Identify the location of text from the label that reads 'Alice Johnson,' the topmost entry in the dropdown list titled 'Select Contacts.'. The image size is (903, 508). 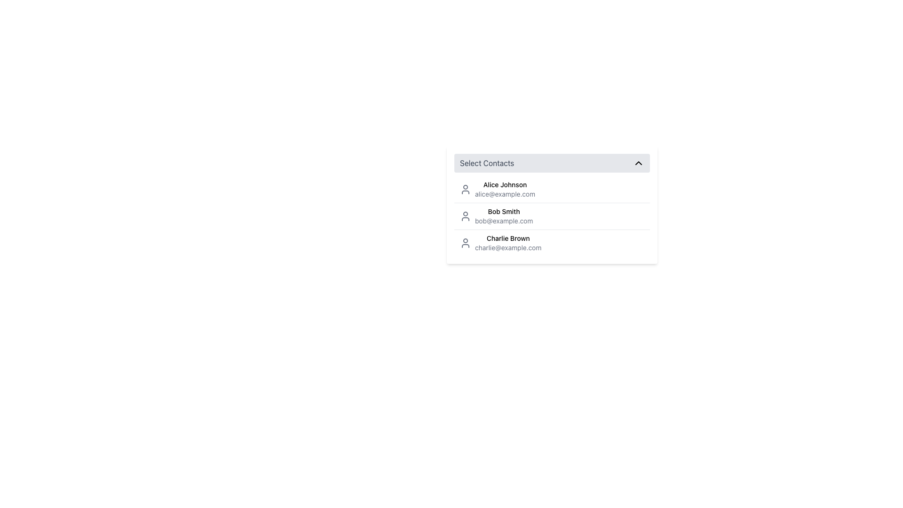
(505, 185).